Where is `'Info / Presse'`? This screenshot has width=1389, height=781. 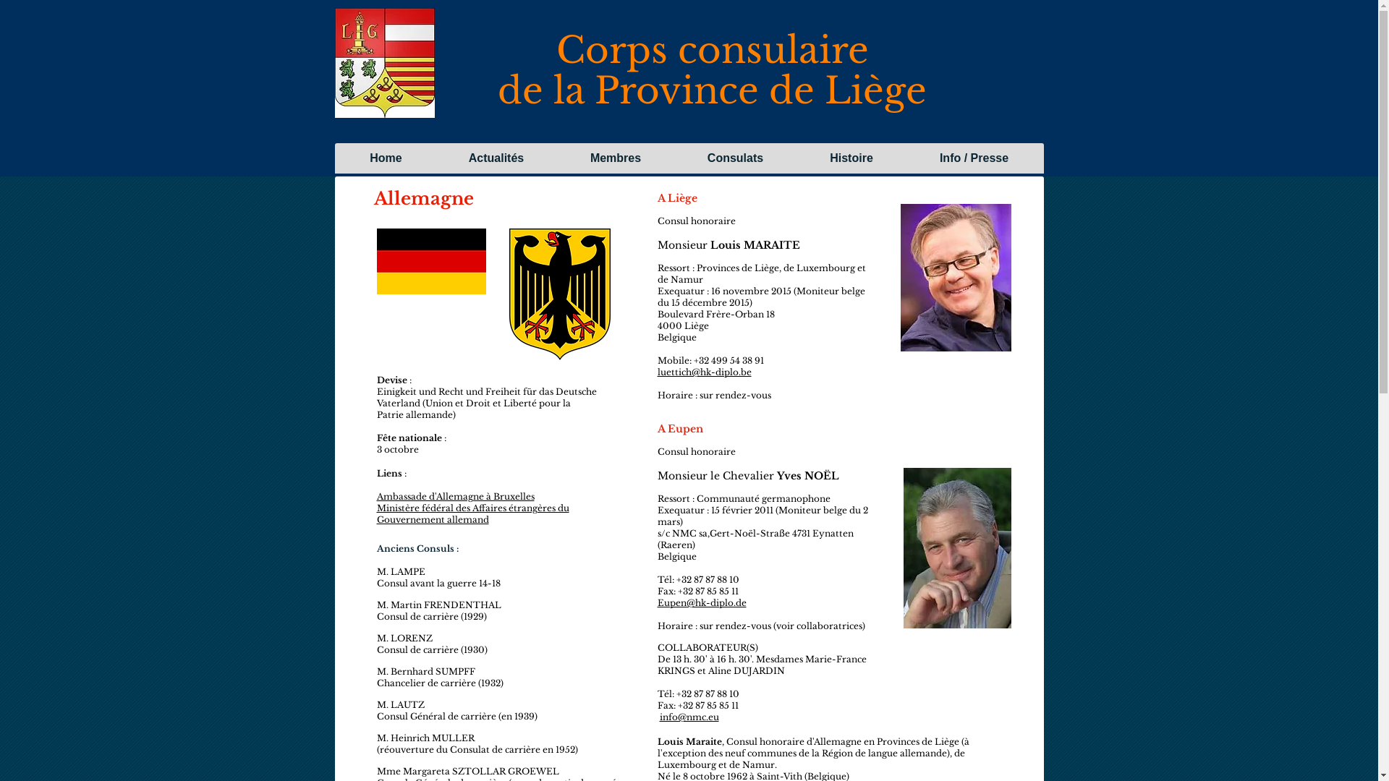
'Info / Presse' is located at coordinates (973, 158).